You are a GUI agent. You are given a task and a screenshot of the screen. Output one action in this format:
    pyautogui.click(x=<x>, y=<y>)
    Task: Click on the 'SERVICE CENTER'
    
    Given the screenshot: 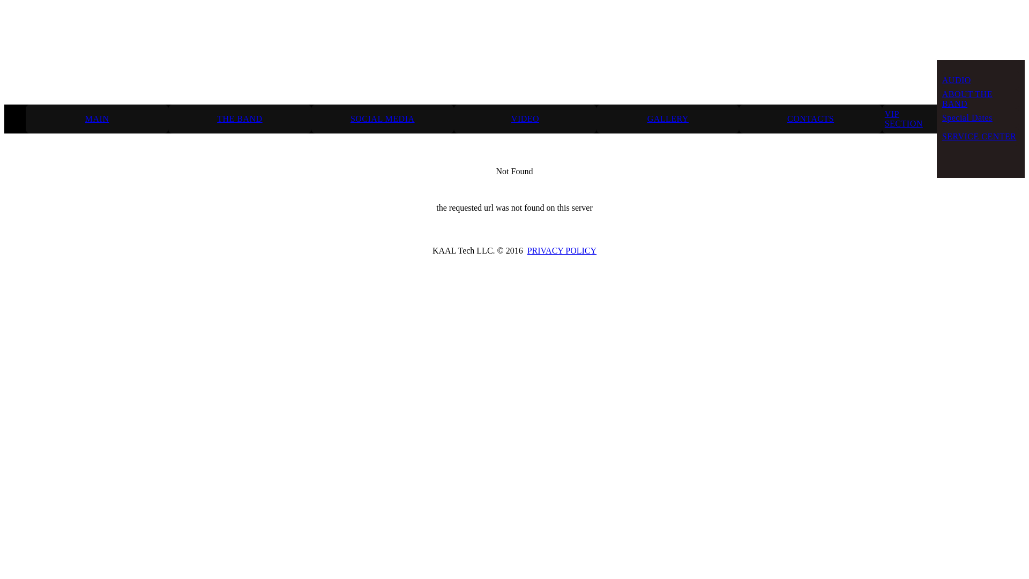 What is the action you would take?
    pyautogui.click(x=941, y=136)
    